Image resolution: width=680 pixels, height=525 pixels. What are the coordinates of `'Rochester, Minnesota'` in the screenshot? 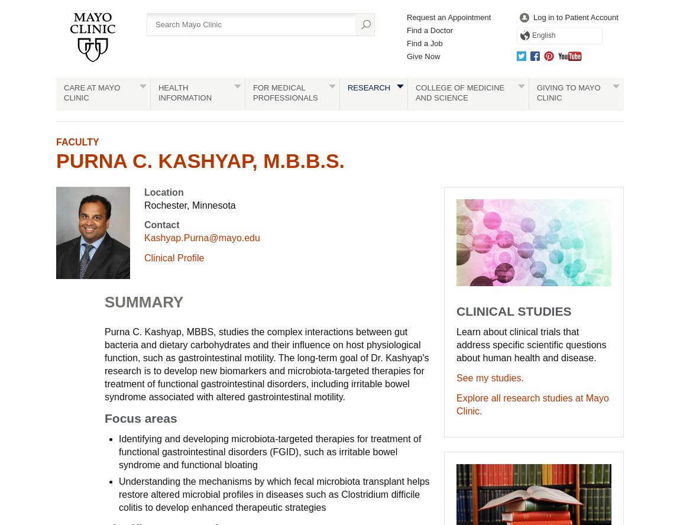 It's located at (189, 205).